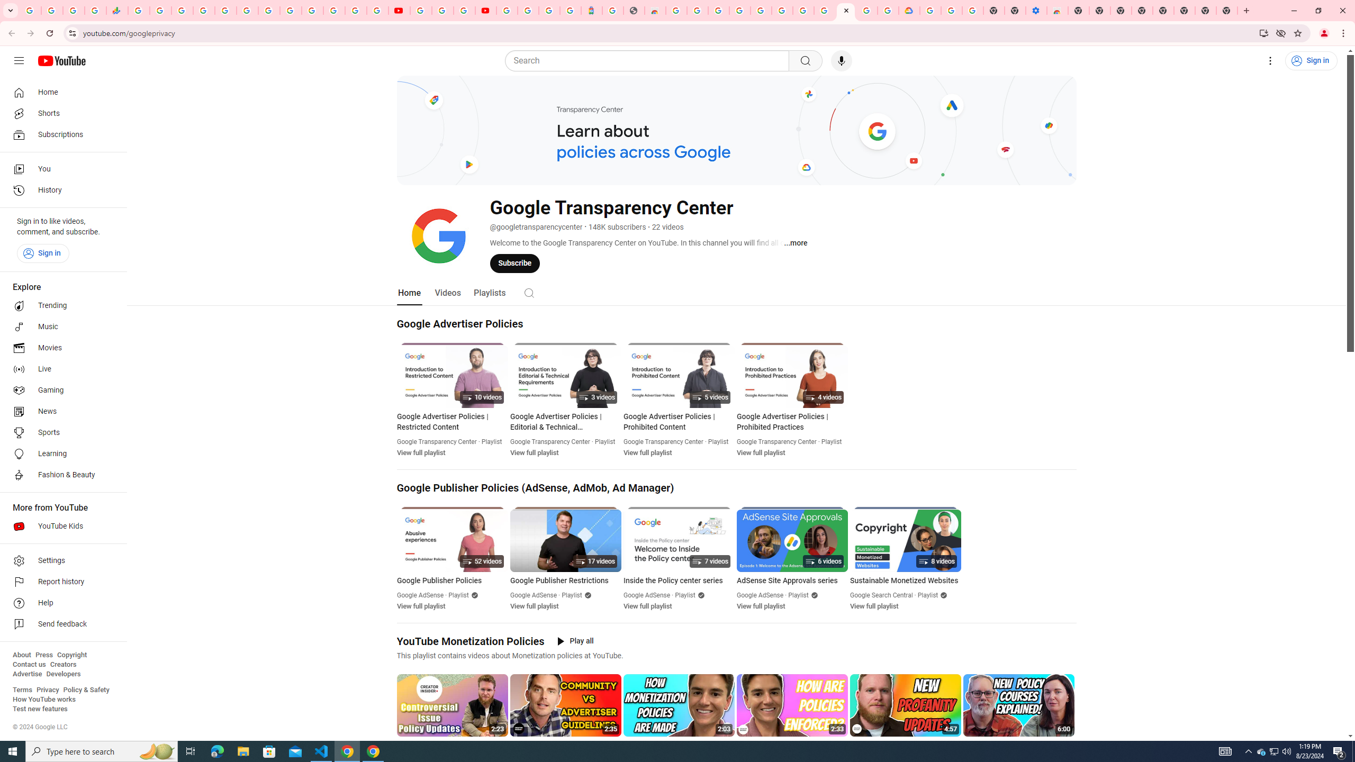  What do you see at coordinates (63, 673) in the screenshot?
I see `'Developers'` at bounding box center [63, 673].